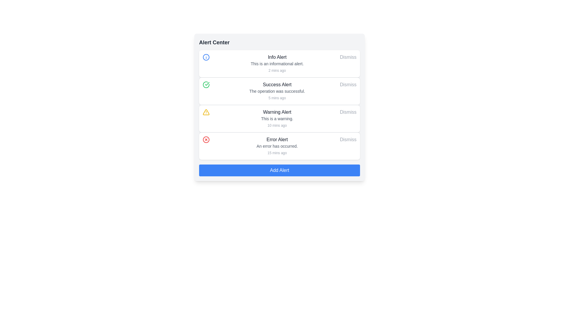  What do you see at coordinates (206, 140) in the screenshot?
I see `the circular part of the error icon located to the left of the 'Error Alert' row in the 'Alert Center' interface, specifically positioned in the fourth row from the top` at bounding box center [206, 140].